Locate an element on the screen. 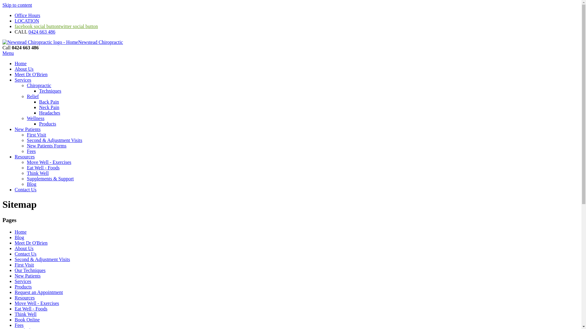 The height and width of the screenshot is (329, 586). 'Meet Dr O'Brien' is located at coordinates (15, 74).